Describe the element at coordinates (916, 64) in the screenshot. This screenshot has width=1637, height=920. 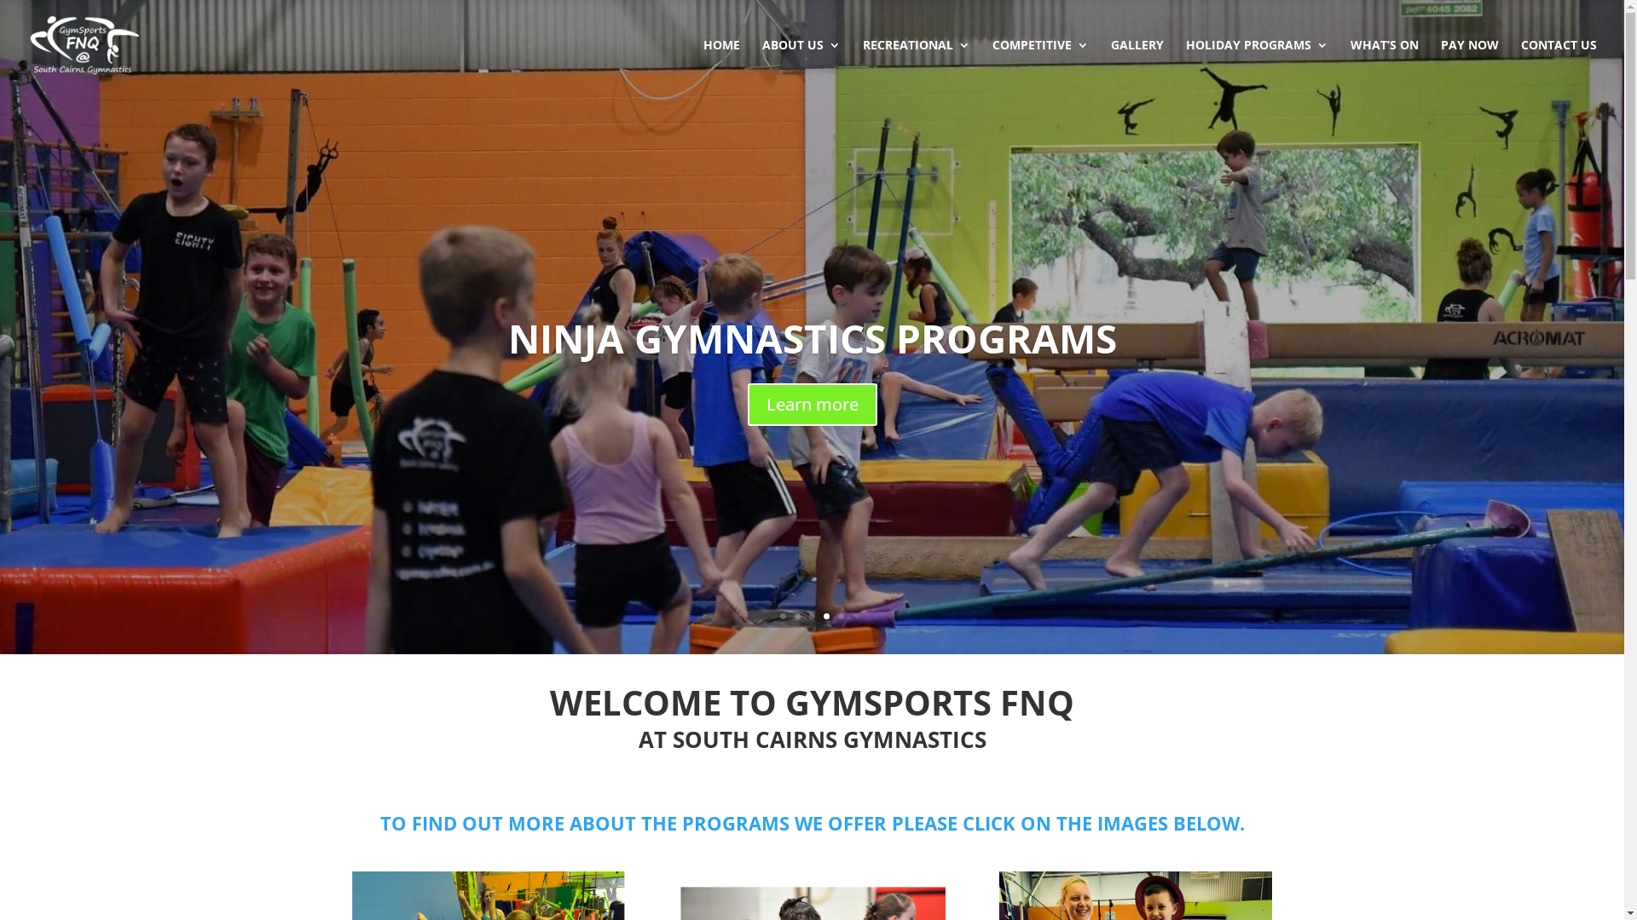
I see `'RECREATIONAL'` at that location.